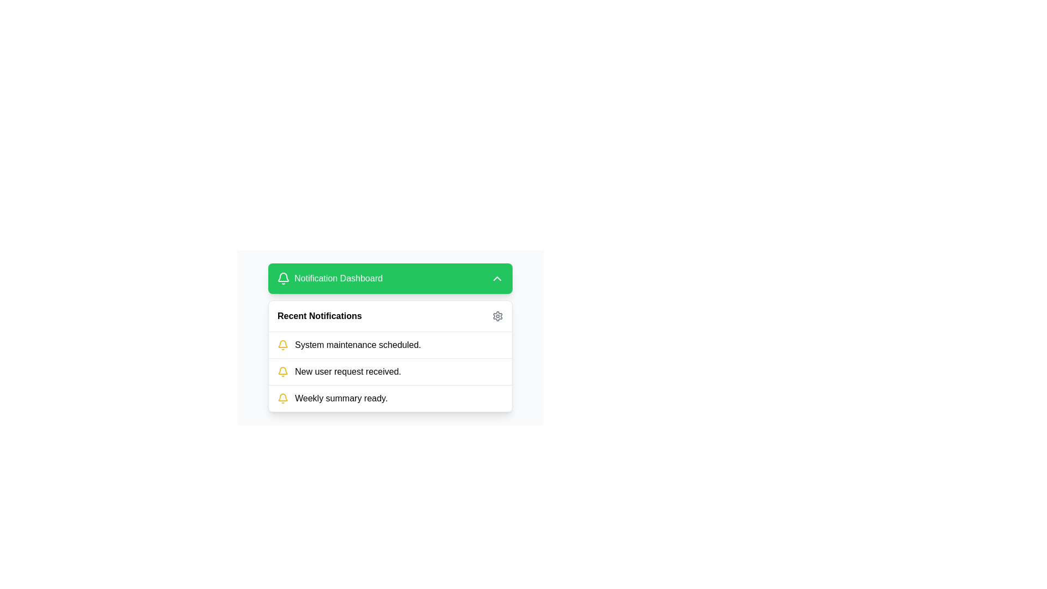 The width and height of the screenshot is (1047, 589). I want to click on notification message displayed as the first entry in the notification list, located to the immediate right of the bell icon, so click(358, 345).